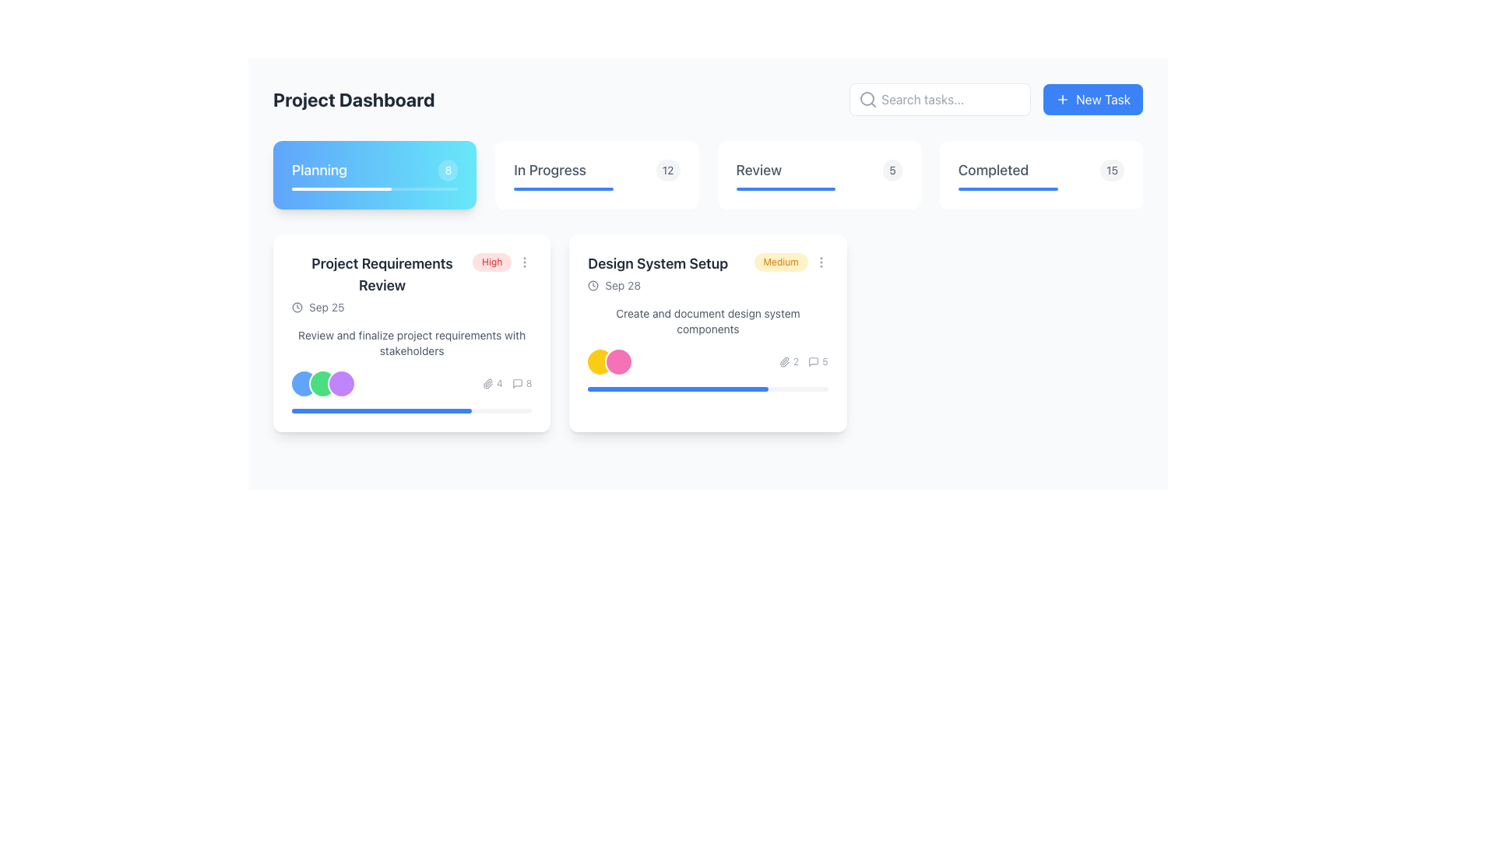 This screenshot has height=841, width=1495. I want to click on the interactive card labeled 'Review5' in the Project Dashboard section, so click(818, 174).